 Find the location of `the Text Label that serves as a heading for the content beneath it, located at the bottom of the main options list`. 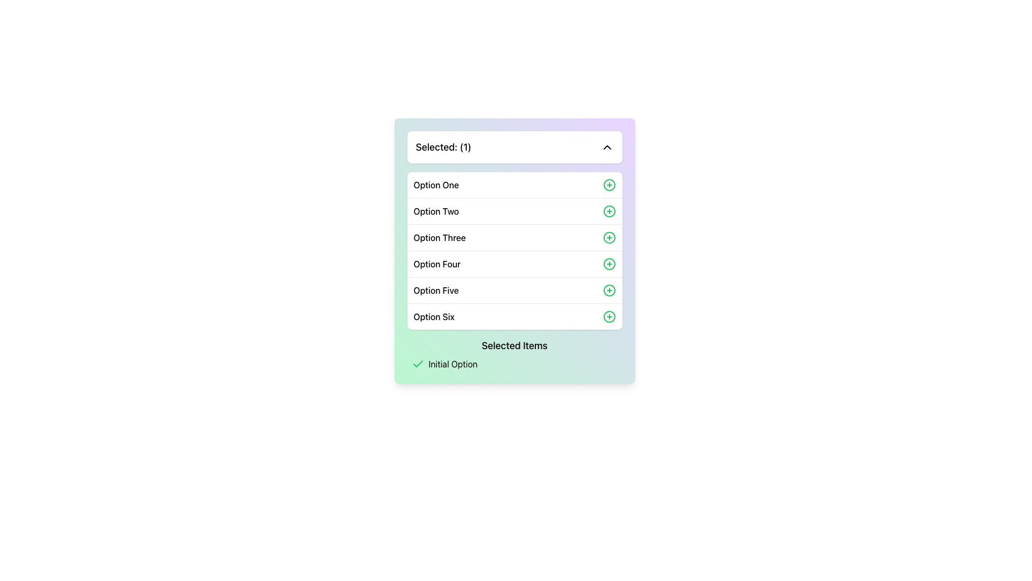

the Text Label that serves as a heading for the content beneath it, located at the bottom of the main options list is located at coordinates (514, 346).